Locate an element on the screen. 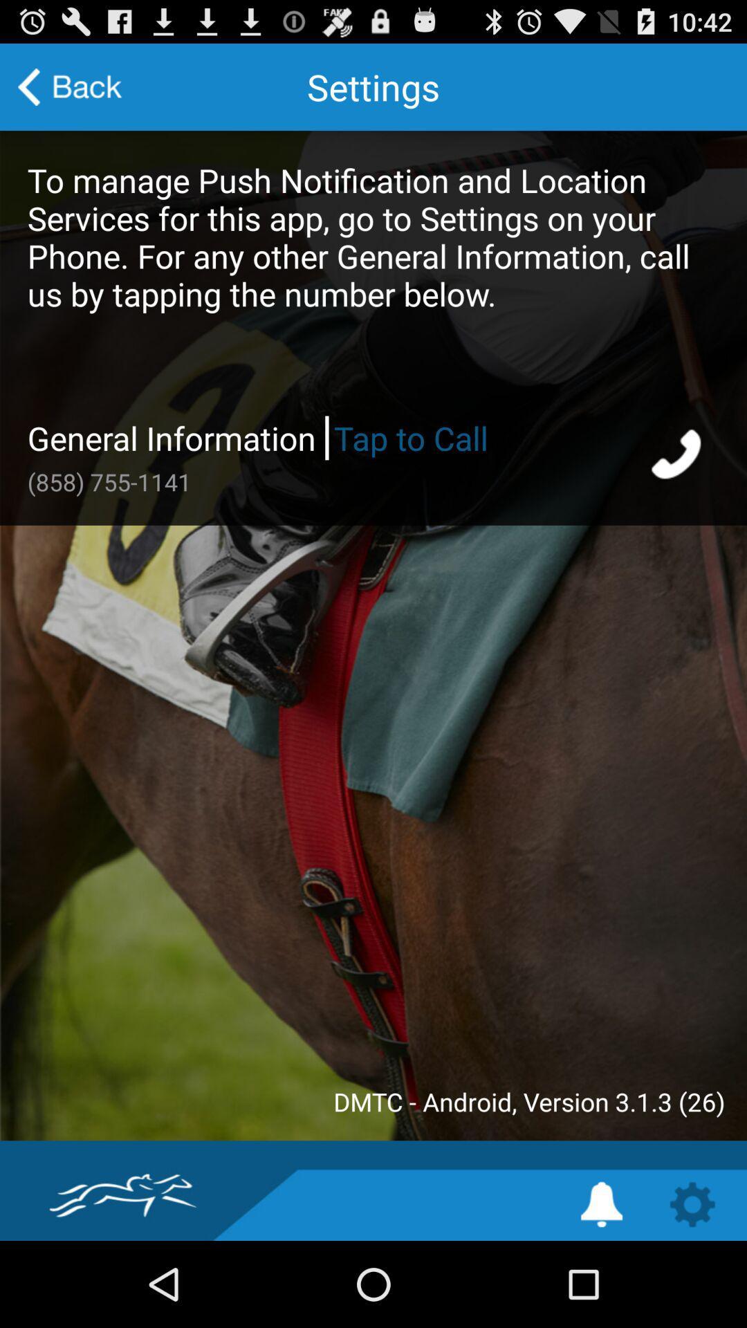 This screenshot has height=1328, width=747. start phone call is located at coordinates (677, 456).